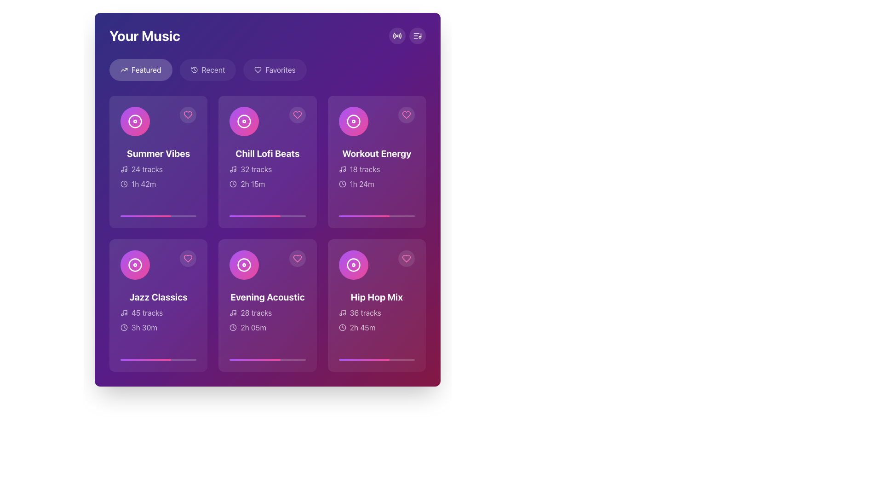  What do you see at coordinates (353, 121) in the screenshot?
I see `the circular gradient icon with a white inner circle located in the top-right section of the 'Workout Energy' card` at bounding box center [353, 121].